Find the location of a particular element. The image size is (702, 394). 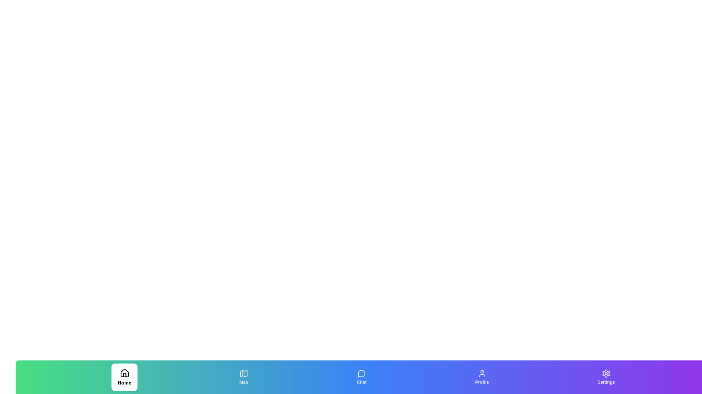

the Profile tab to switch the active state is located at coordinates (482, 377).